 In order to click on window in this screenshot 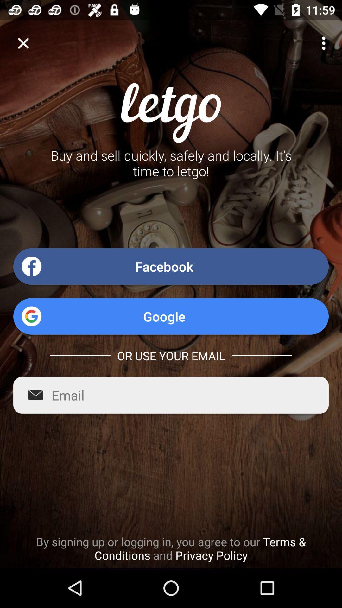, I will do `click(23, 43)`.